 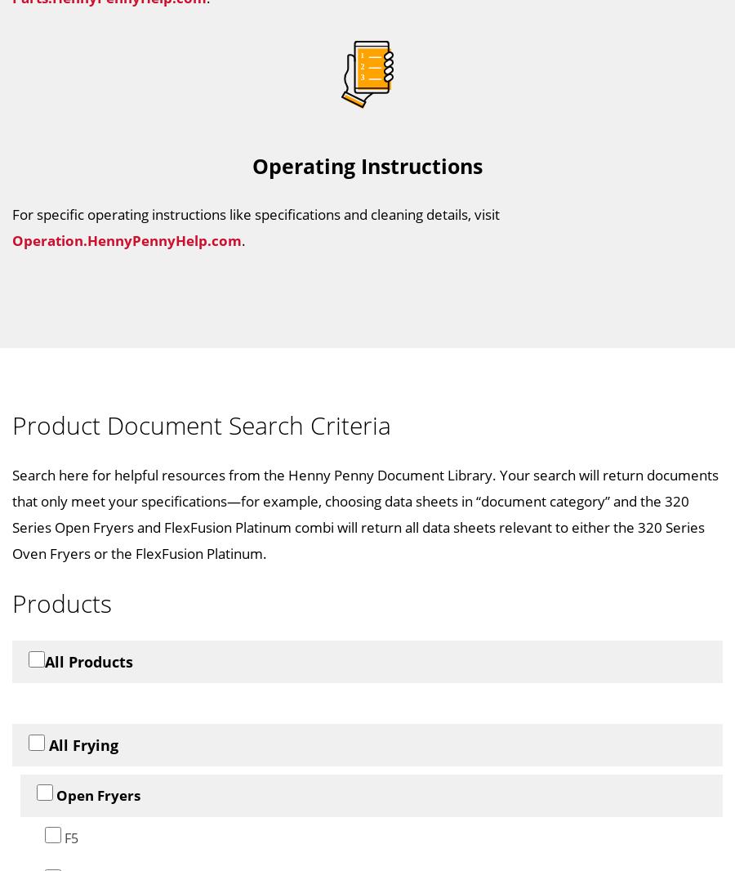 I want to click on '.', so click(x=243, y=239).